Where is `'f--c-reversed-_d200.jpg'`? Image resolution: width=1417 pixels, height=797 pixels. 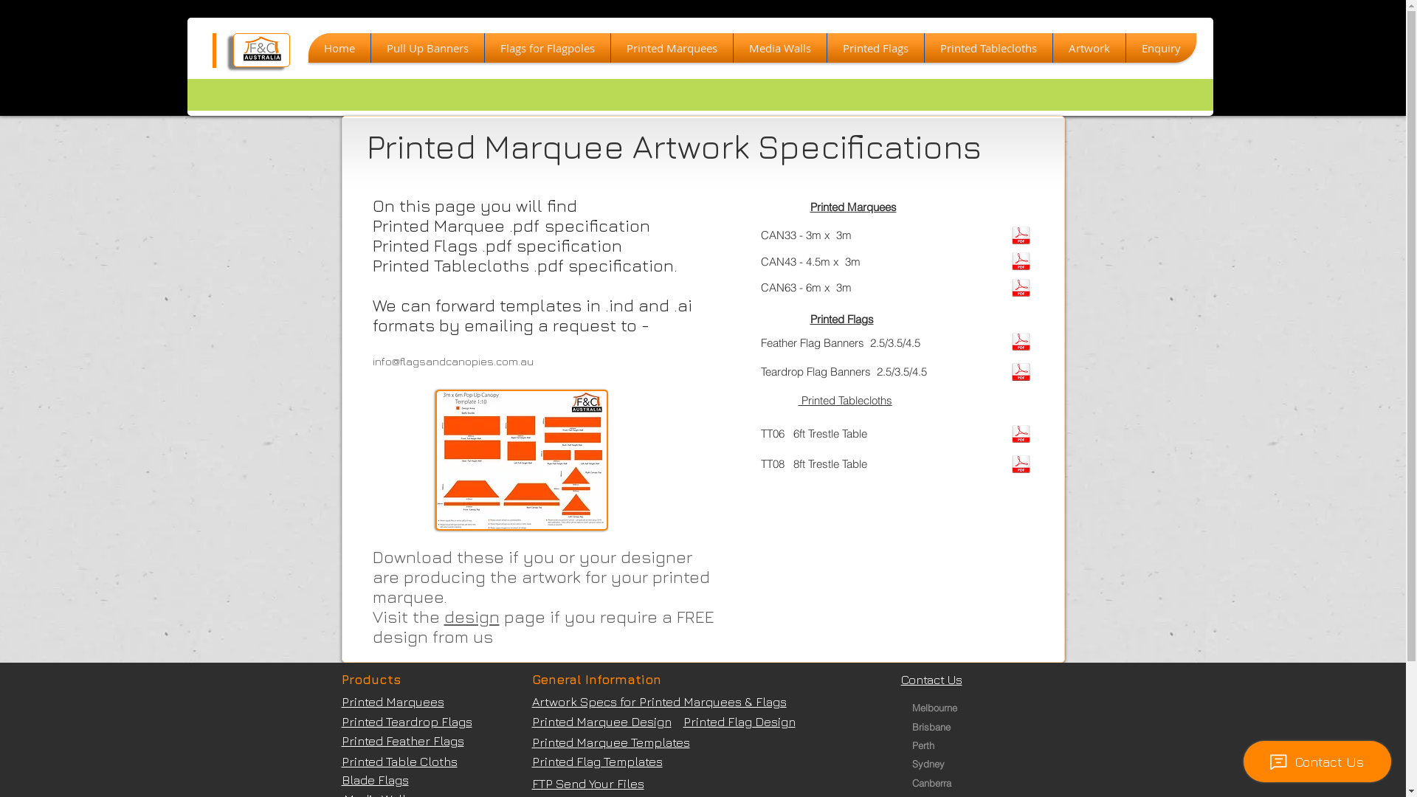
'f--c-reversed-_d200.jpg' is located at coordinates (261, 49).